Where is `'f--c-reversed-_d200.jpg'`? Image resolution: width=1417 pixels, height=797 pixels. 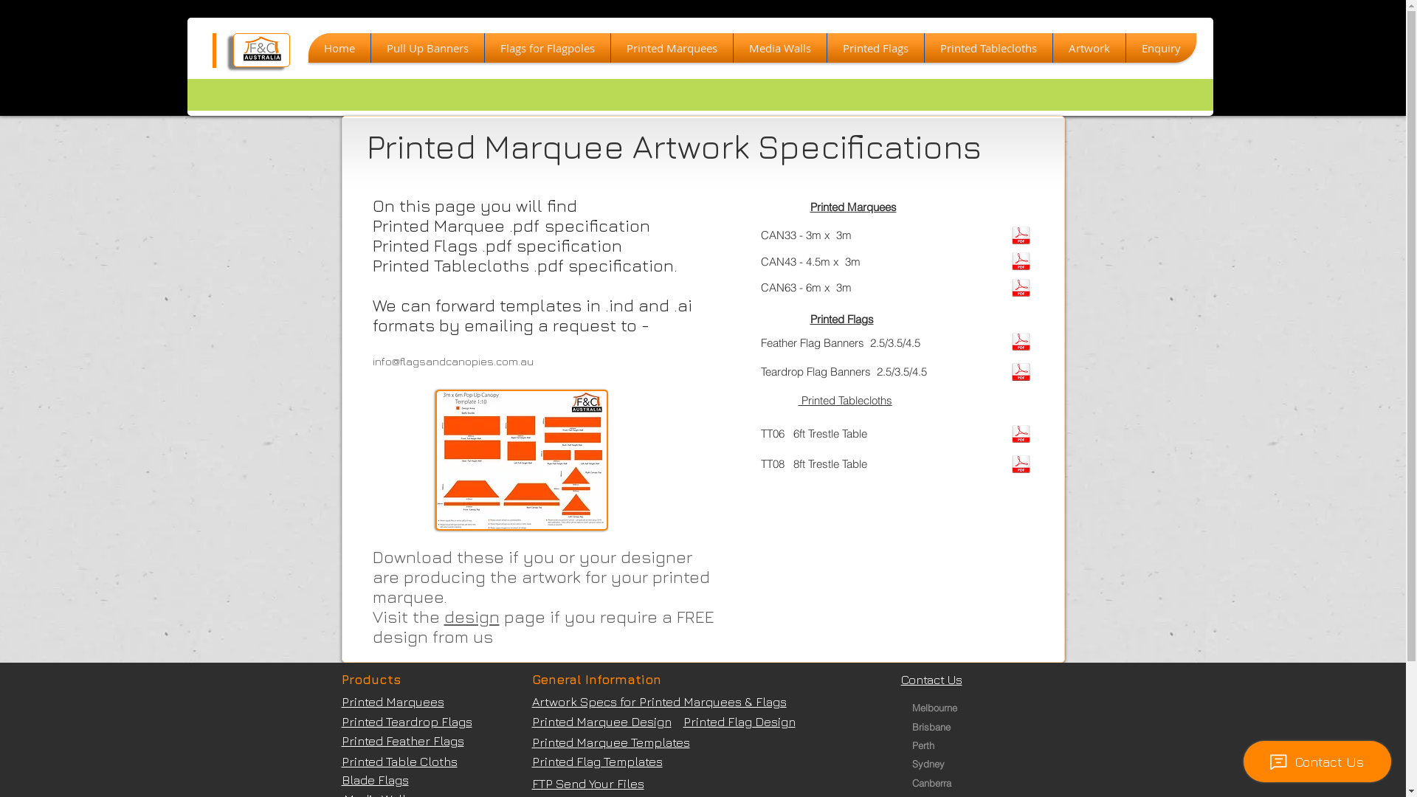
'f--c-reversed-_d200.jpg' is located at coordinates (261, 49).